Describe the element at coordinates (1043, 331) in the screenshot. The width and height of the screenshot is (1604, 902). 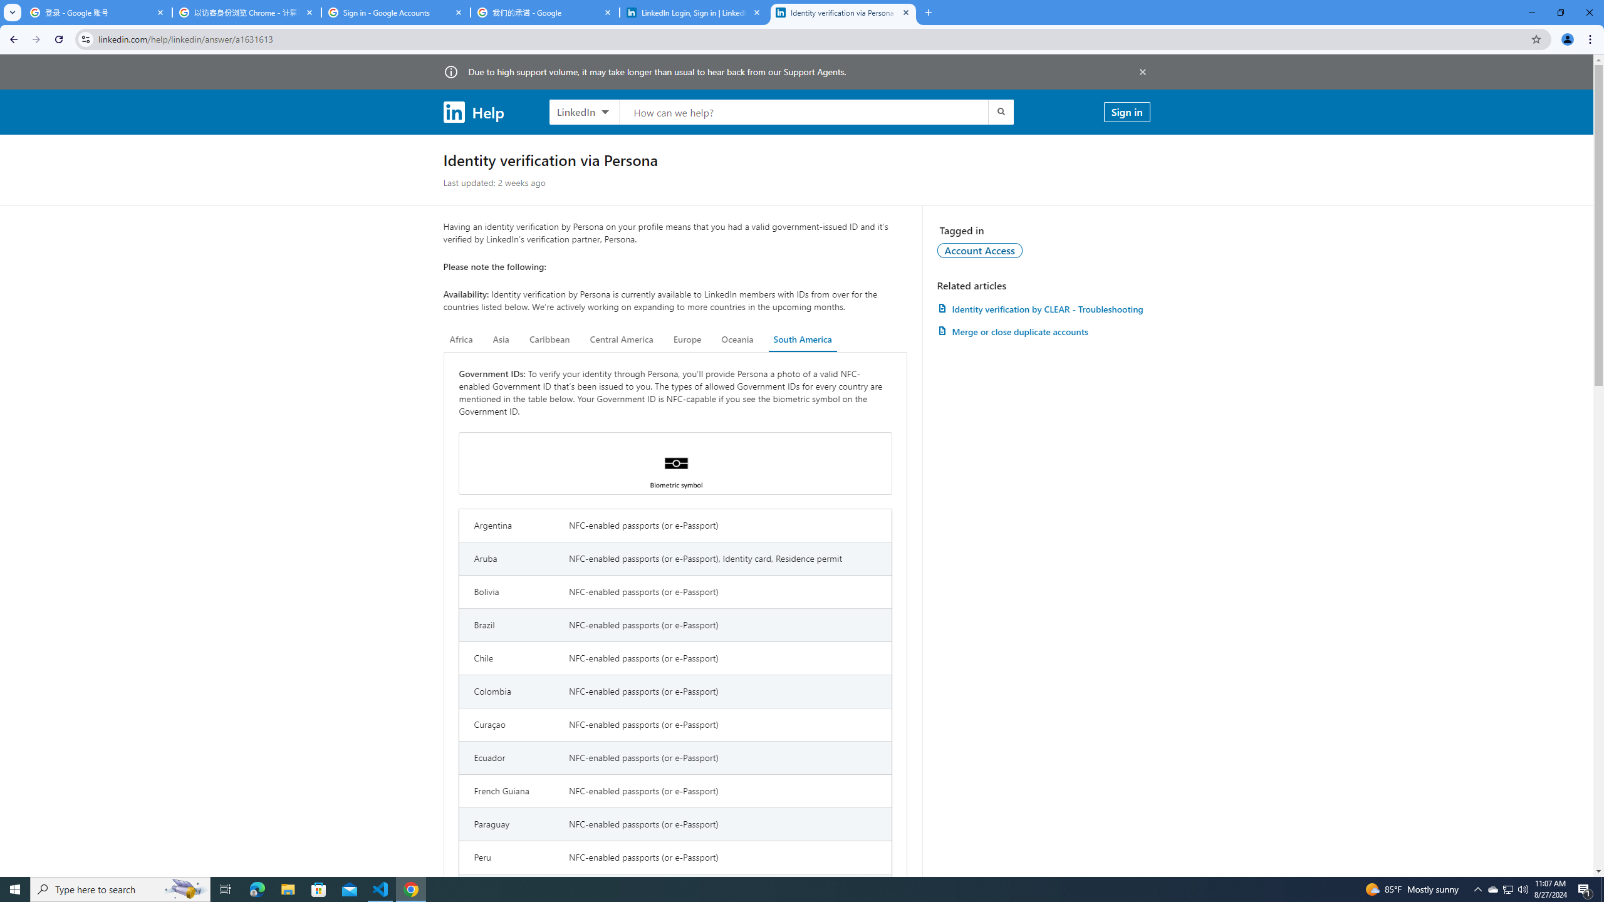
I see `'AutomationID: article-link-a1337200'` at that location.